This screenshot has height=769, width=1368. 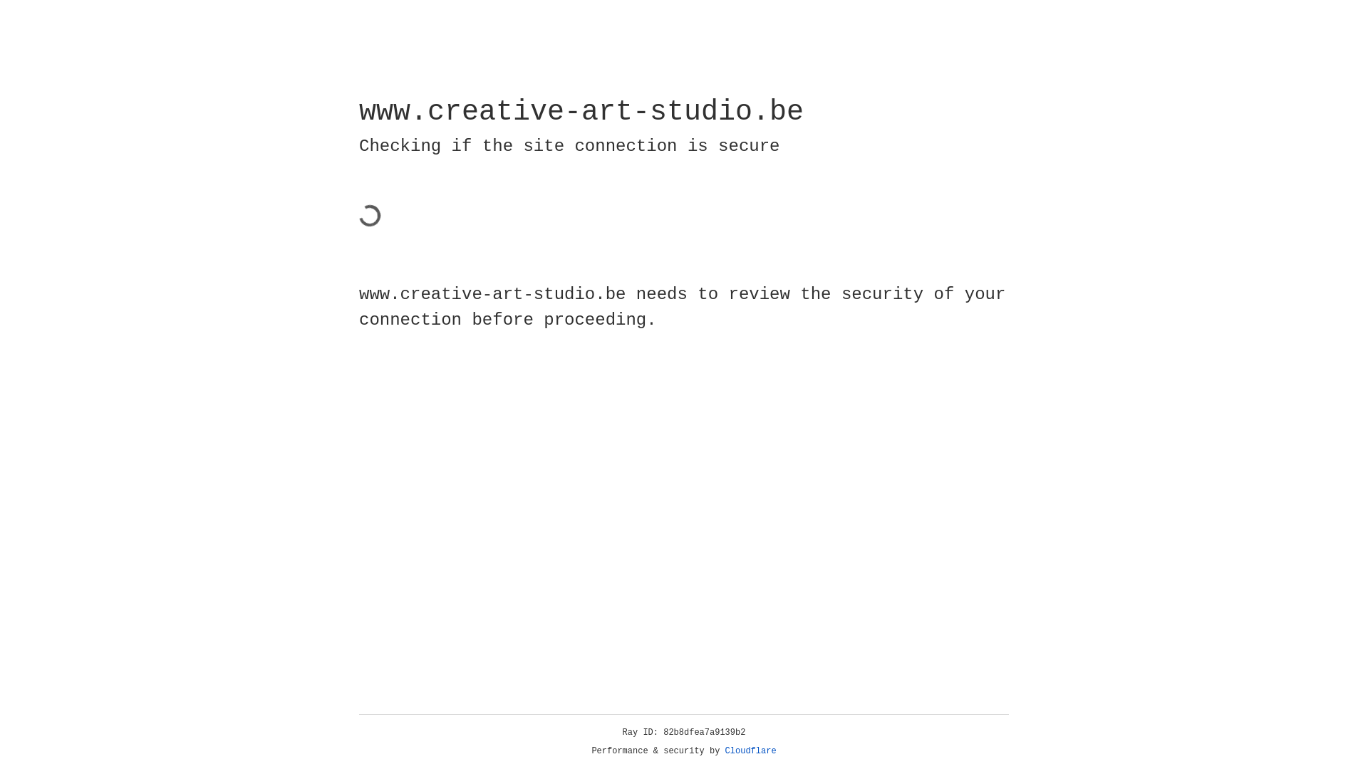 What do you see at coordinates (750, 750) in the screenshot?
I see `'Cloudflare'` at bounding box center [750, 750].